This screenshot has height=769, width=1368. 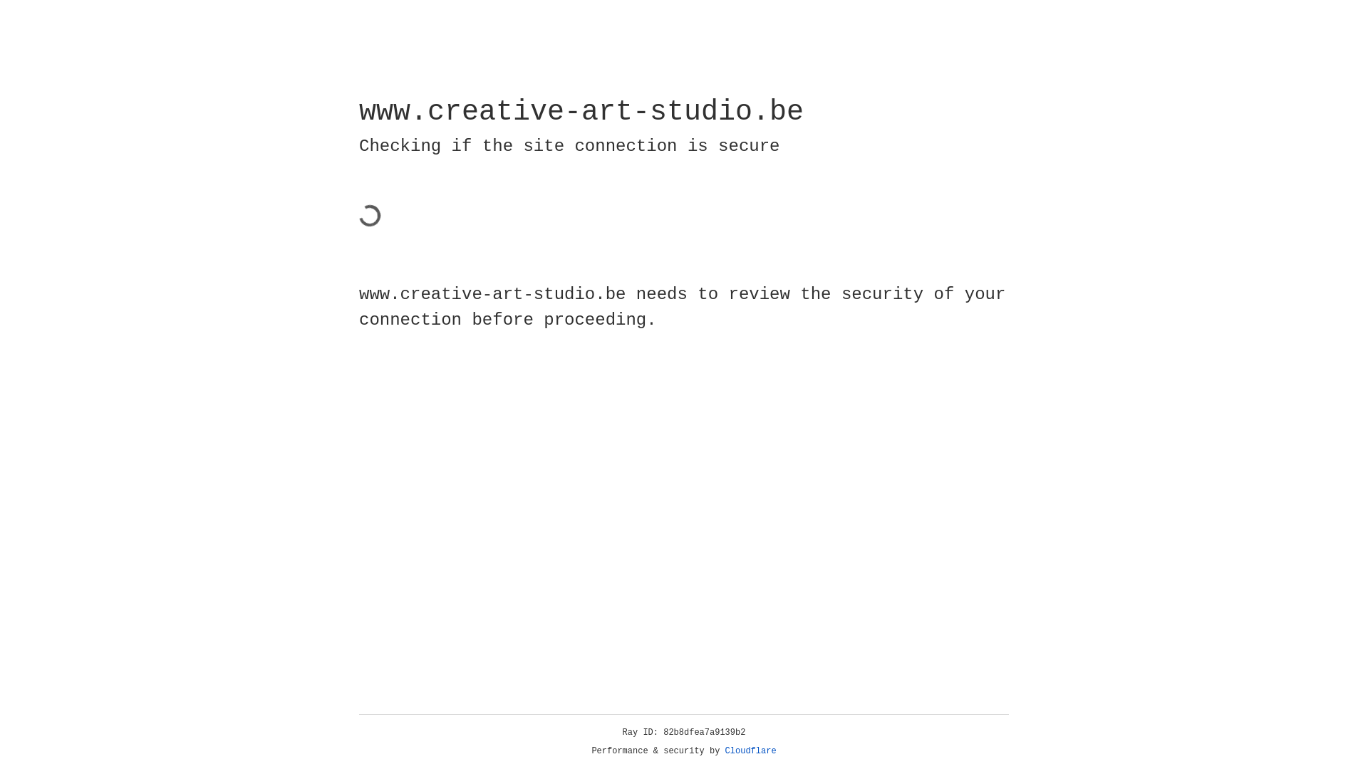 What do you see at coordinates (750, 750) in the screenshot?
I see `'Cloudflare'` at bounding box center [750, 750].